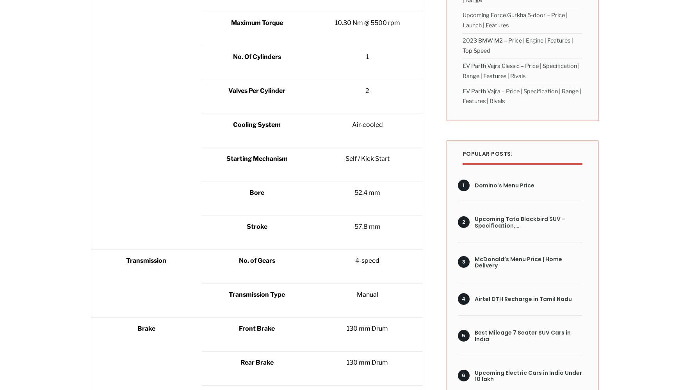 The width and height of the screenshot is (689, 390). I want to click on 'Rear Brake', so click(256, 362).